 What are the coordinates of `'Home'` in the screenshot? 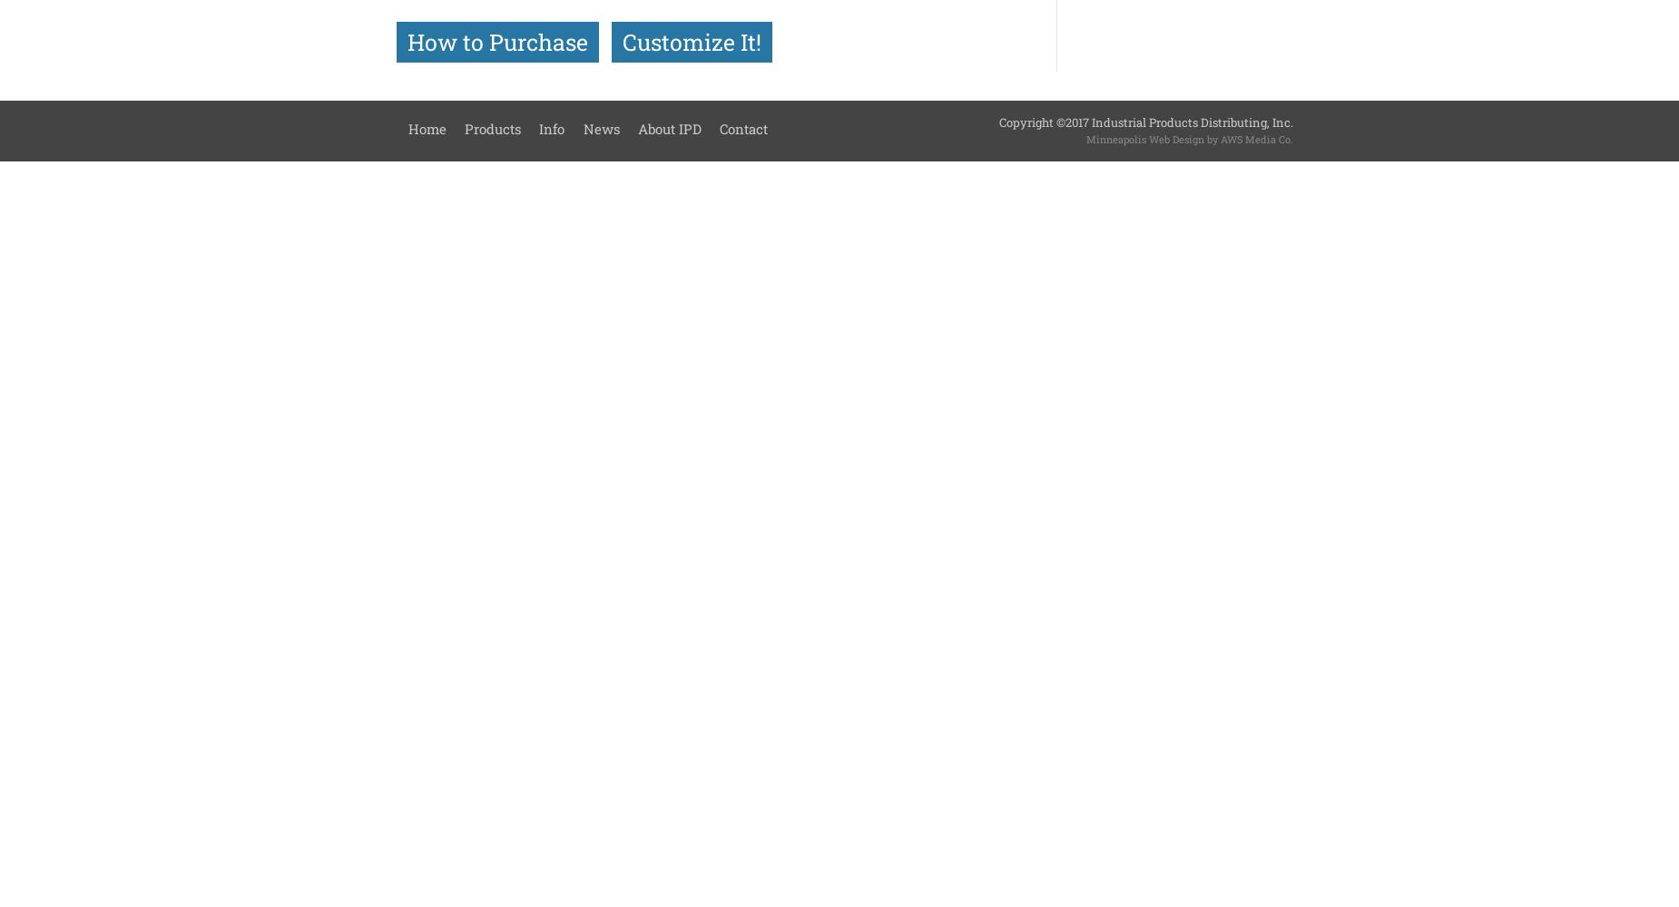 It's located at (407, 128).